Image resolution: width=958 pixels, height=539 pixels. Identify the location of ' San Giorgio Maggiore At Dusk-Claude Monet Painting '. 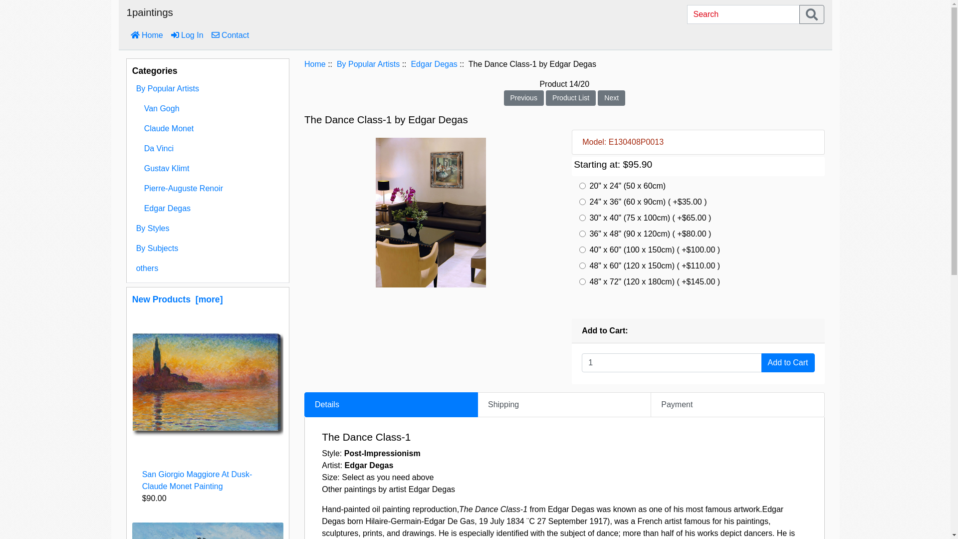
(207, 382).